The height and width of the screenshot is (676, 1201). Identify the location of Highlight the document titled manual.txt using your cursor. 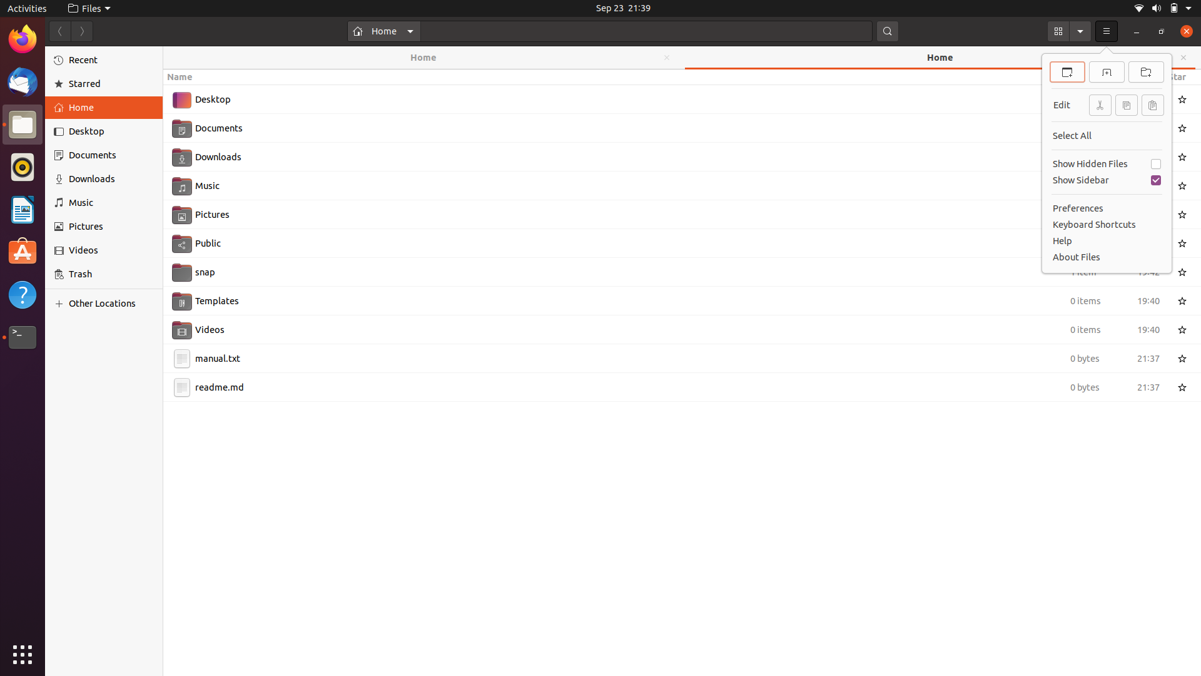
(1183, 357).